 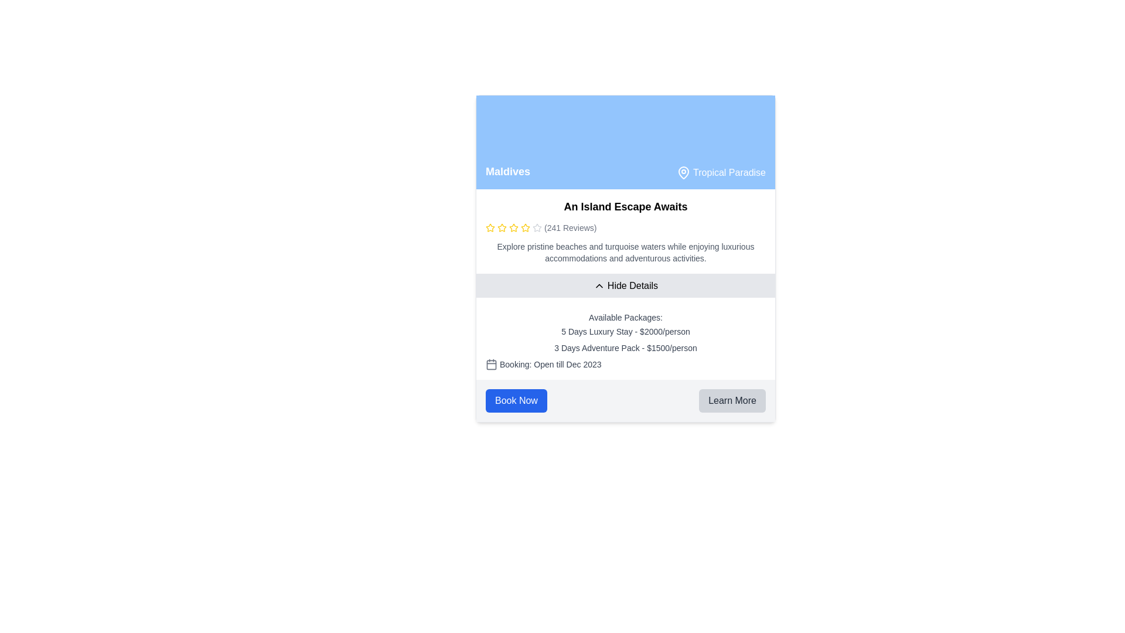 I want to click on the third star-shaped rating icon, filled with a golden-yellow color, located in the review section, positioned above '(241 Reviews)', so click(x=502, y=228).